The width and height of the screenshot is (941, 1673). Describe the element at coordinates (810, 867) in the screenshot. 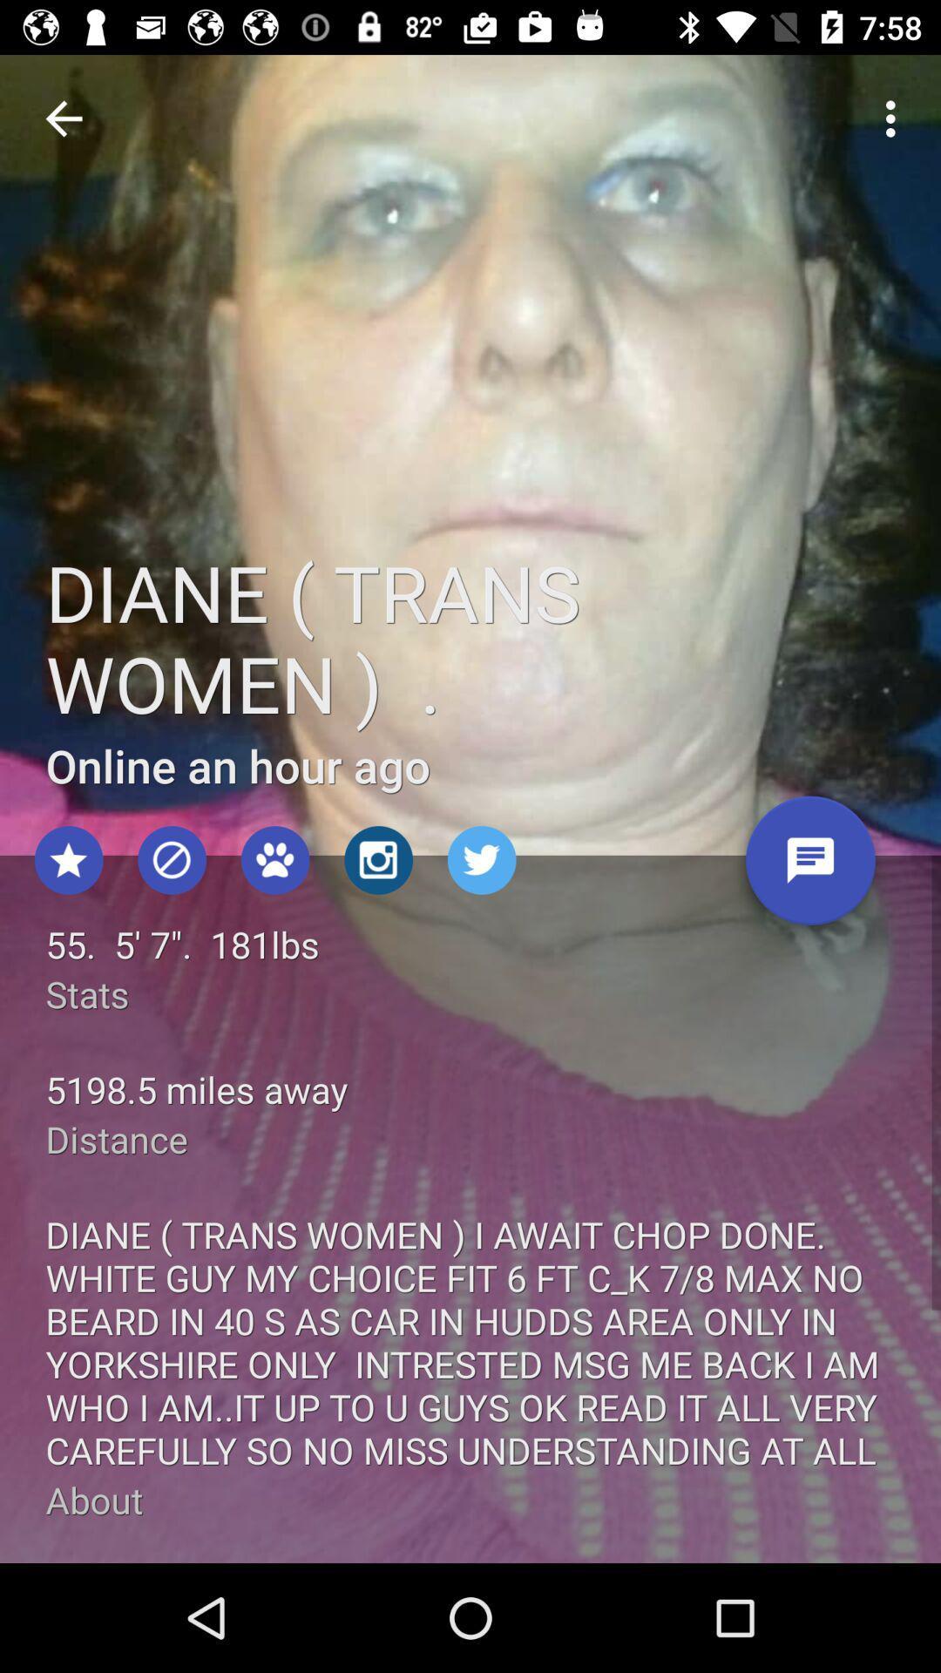

I see `messages the article` at that location.